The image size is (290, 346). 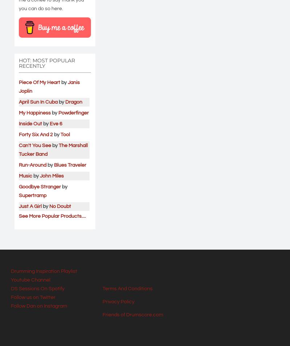 What do you see at coordinates (52, 216) in the screenshot?
I see `'See More Popular Products....'` at bounding box center [52, 216].